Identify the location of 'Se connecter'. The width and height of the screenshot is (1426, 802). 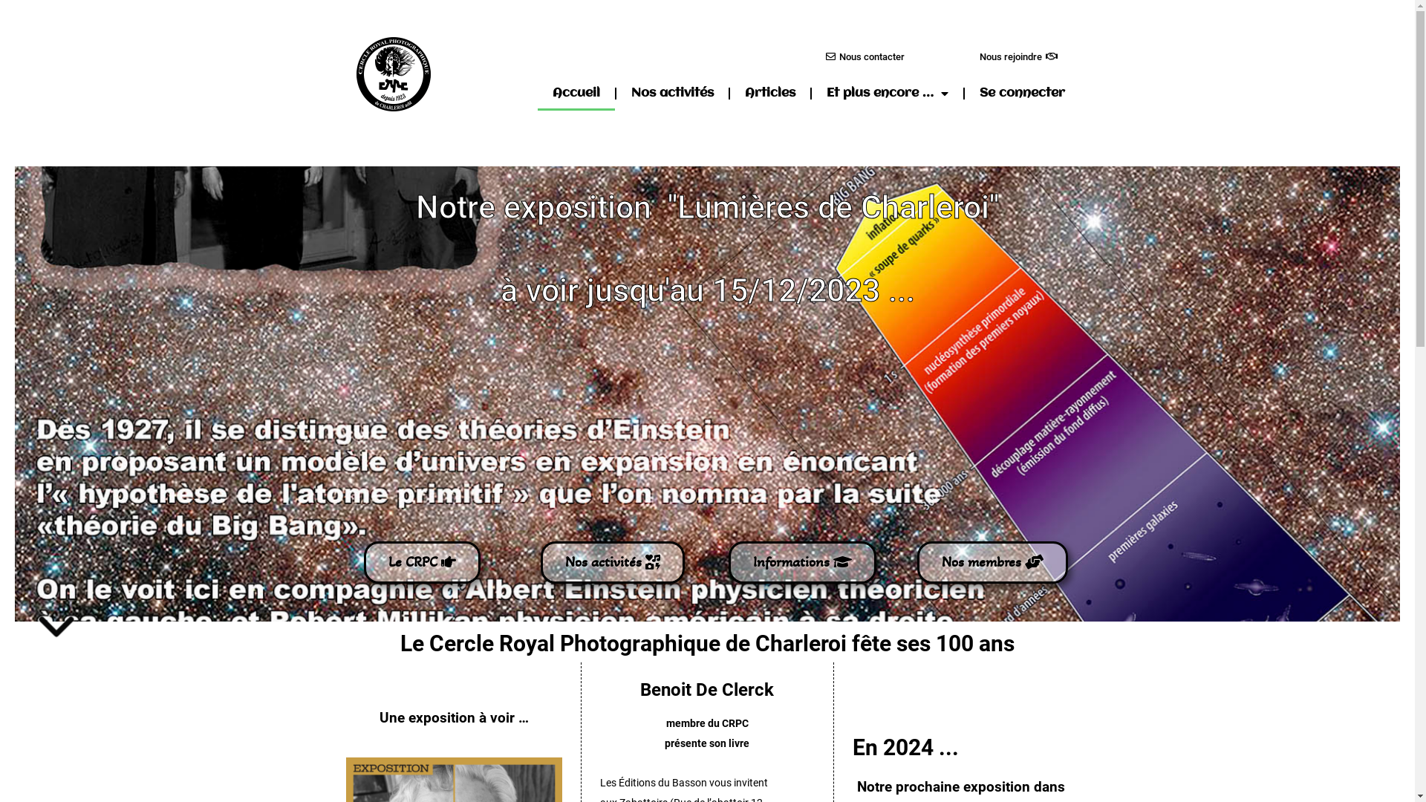
(1021, 94).